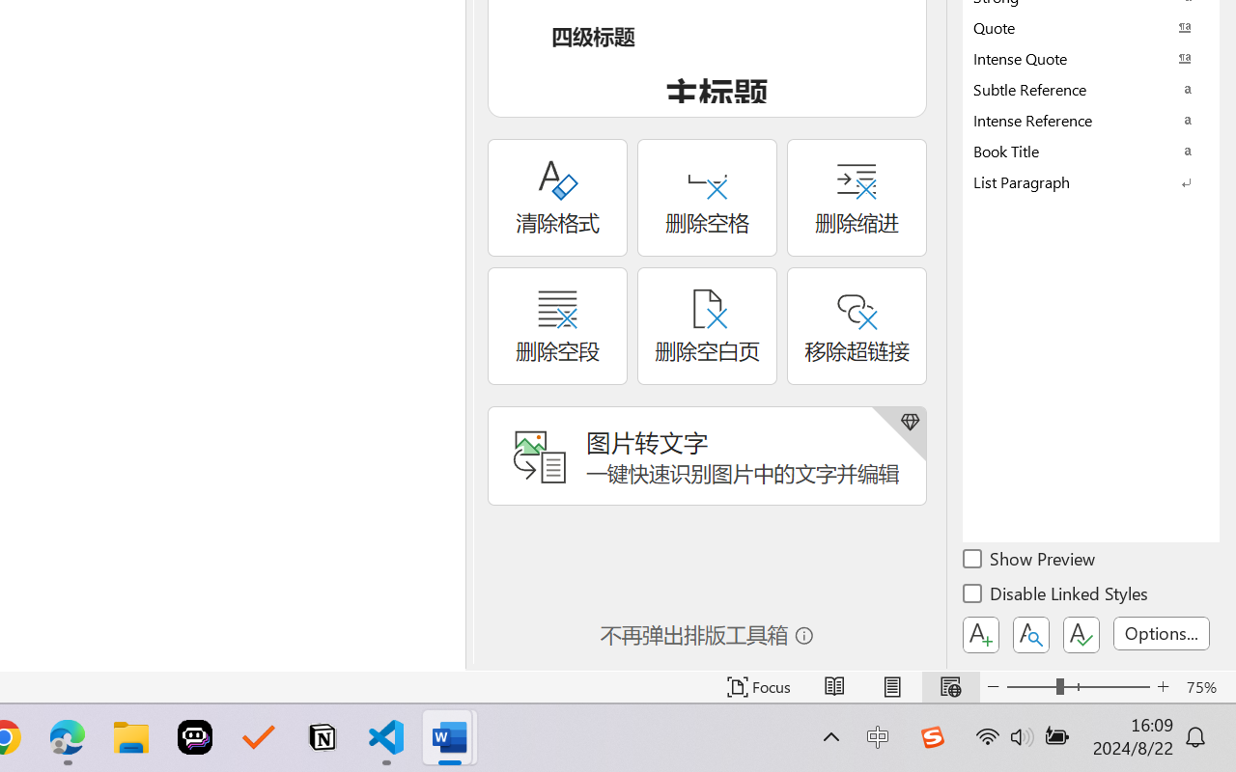  What do you see at coordinates (932, 737) in the screenshot?
I see `'Class: Image'` at bounding box center [932, 737].